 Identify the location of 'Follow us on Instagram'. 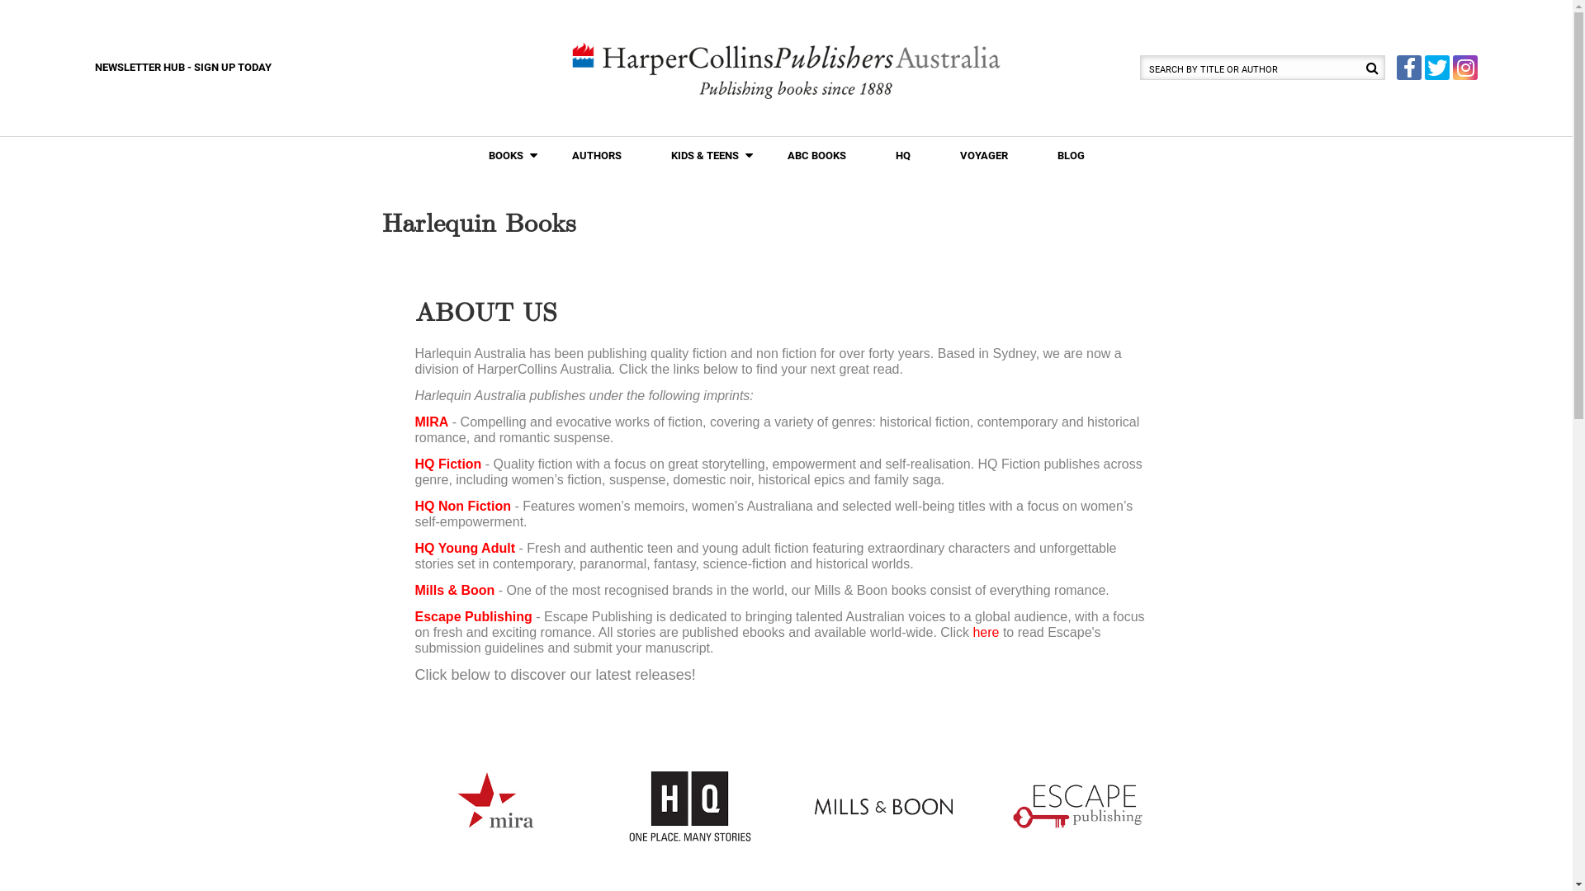
(1465, 67).